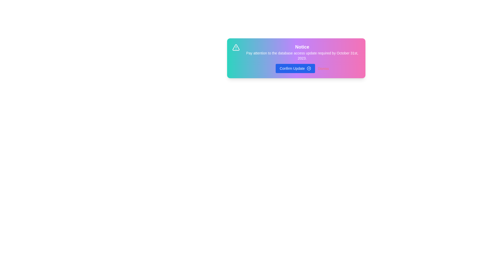  What do you see at coordinates (248, 51) in the screenshot?
I see `the word 'attention' in the alert message` at bounding box center [248, 51].